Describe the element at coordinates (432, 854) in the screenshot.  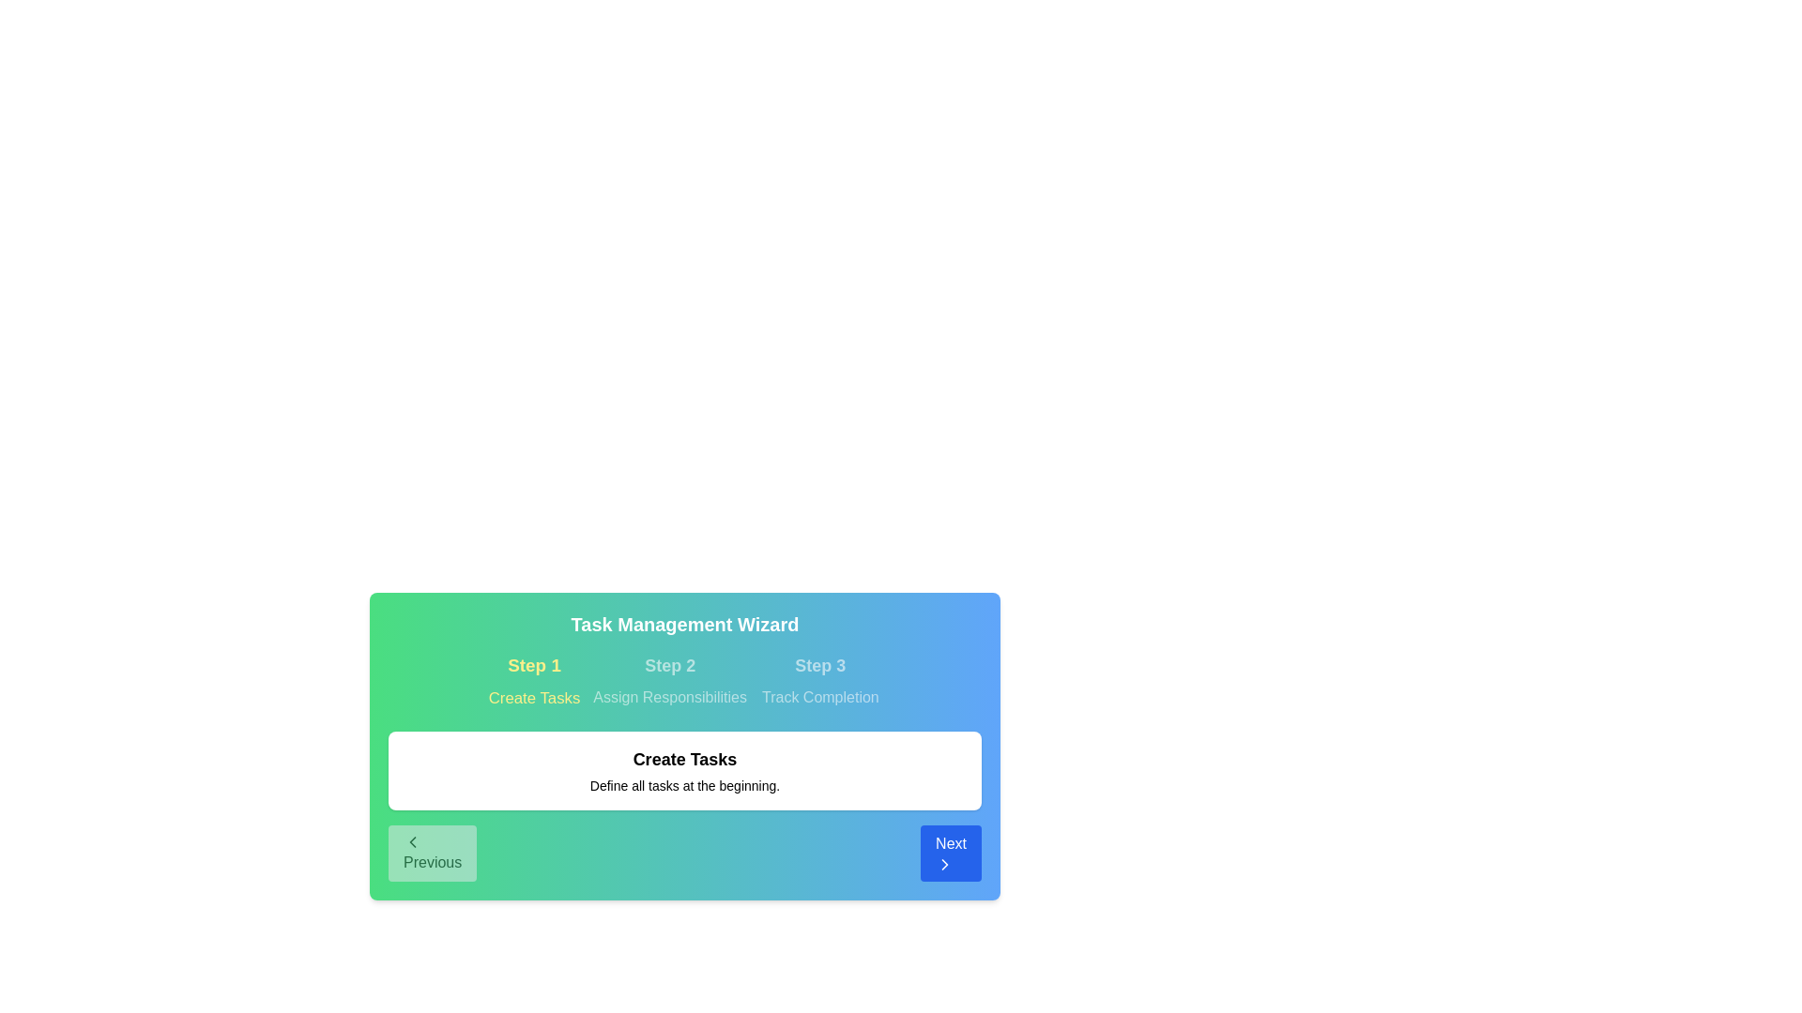
I see `Previous button to navigate through the steps` at that location.